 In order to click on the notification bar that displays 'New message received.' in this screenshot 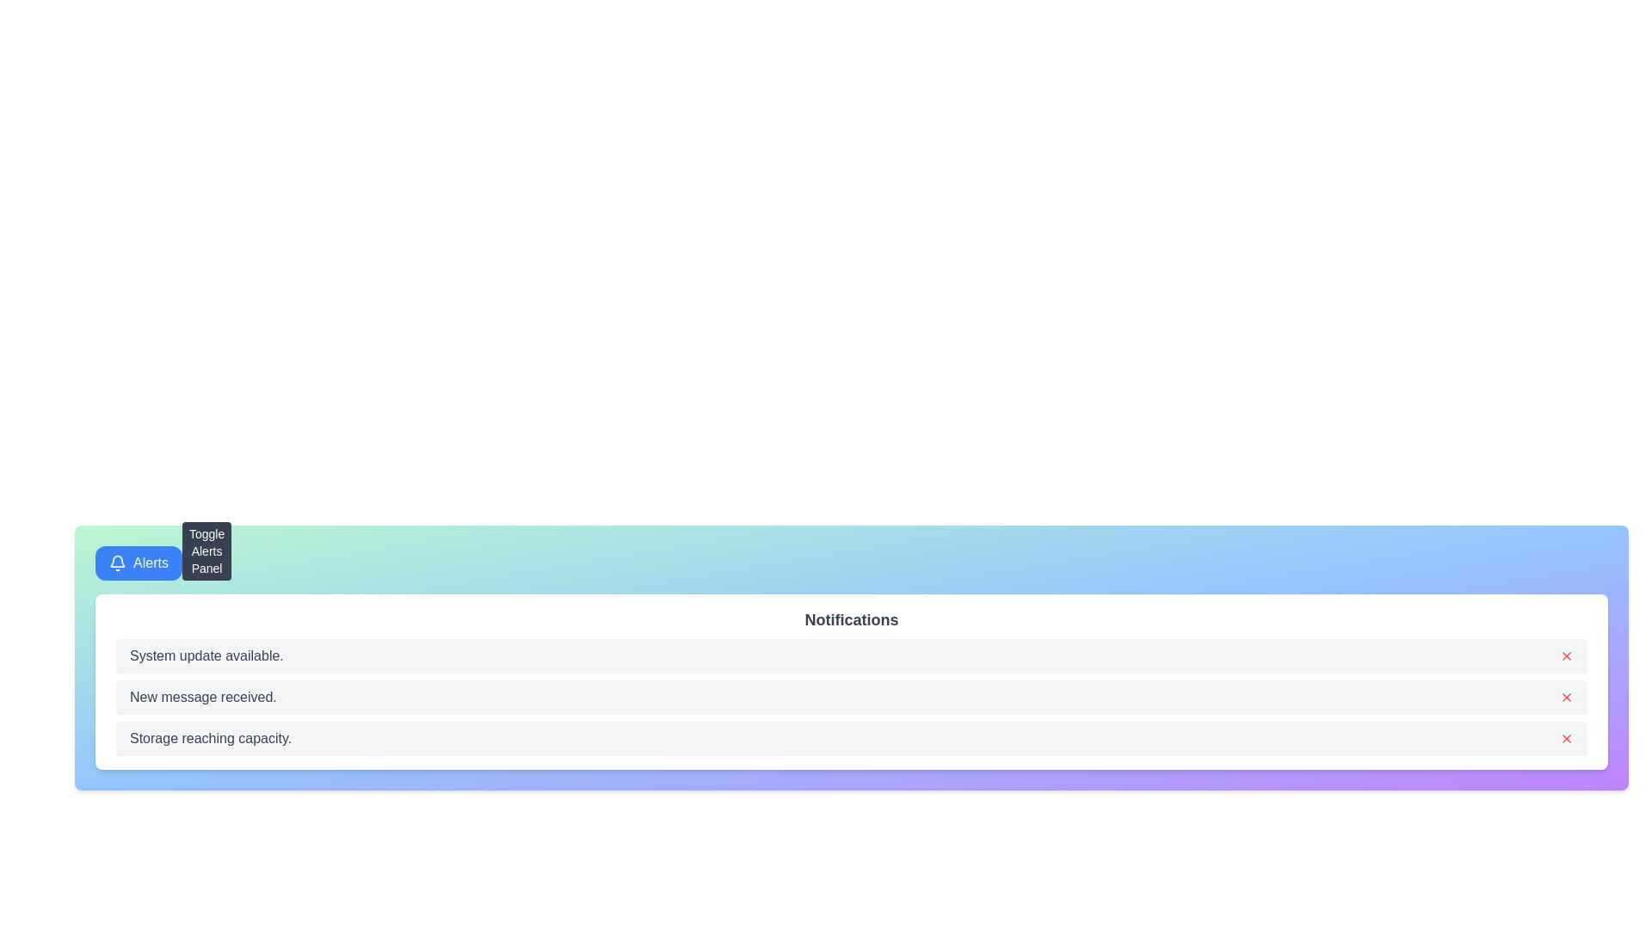, I will do `click(851, 697)`.